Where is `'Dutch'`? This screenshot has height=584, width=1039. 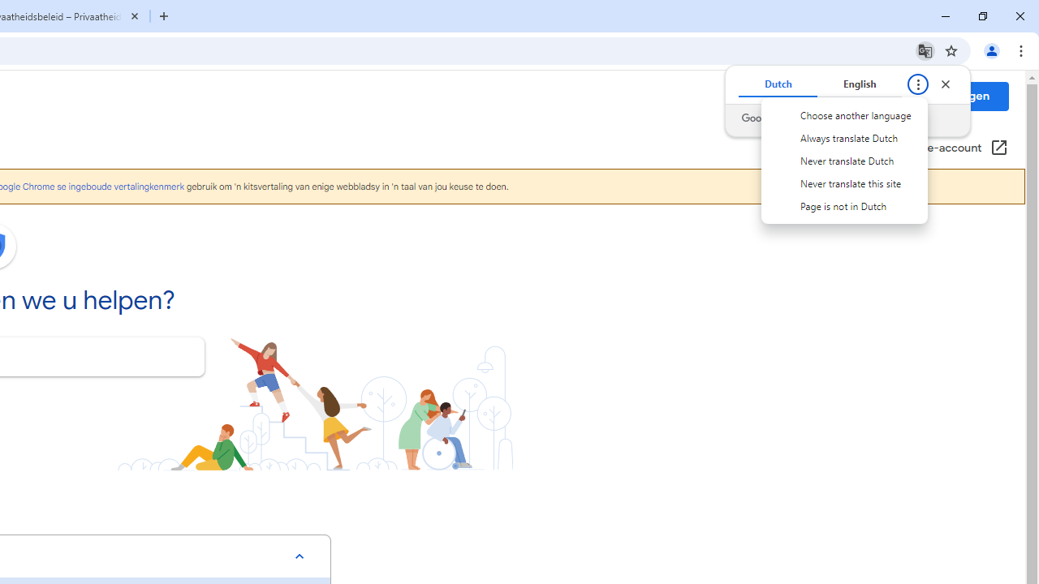
'Dutch' is located at coordinates (777, 84).